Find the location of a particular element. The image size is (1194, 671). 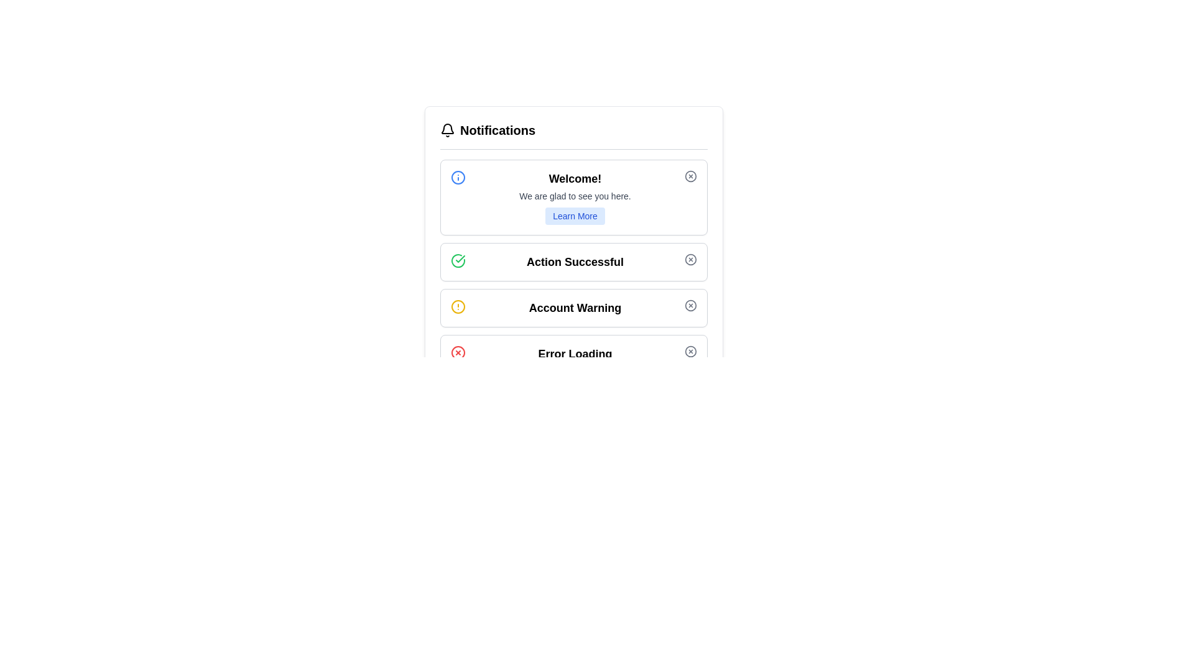

the Notification card at the top of the 'Notifications' section, which welcomes the user and contains a 'Learn More' button is located at coordinates (573, 196).